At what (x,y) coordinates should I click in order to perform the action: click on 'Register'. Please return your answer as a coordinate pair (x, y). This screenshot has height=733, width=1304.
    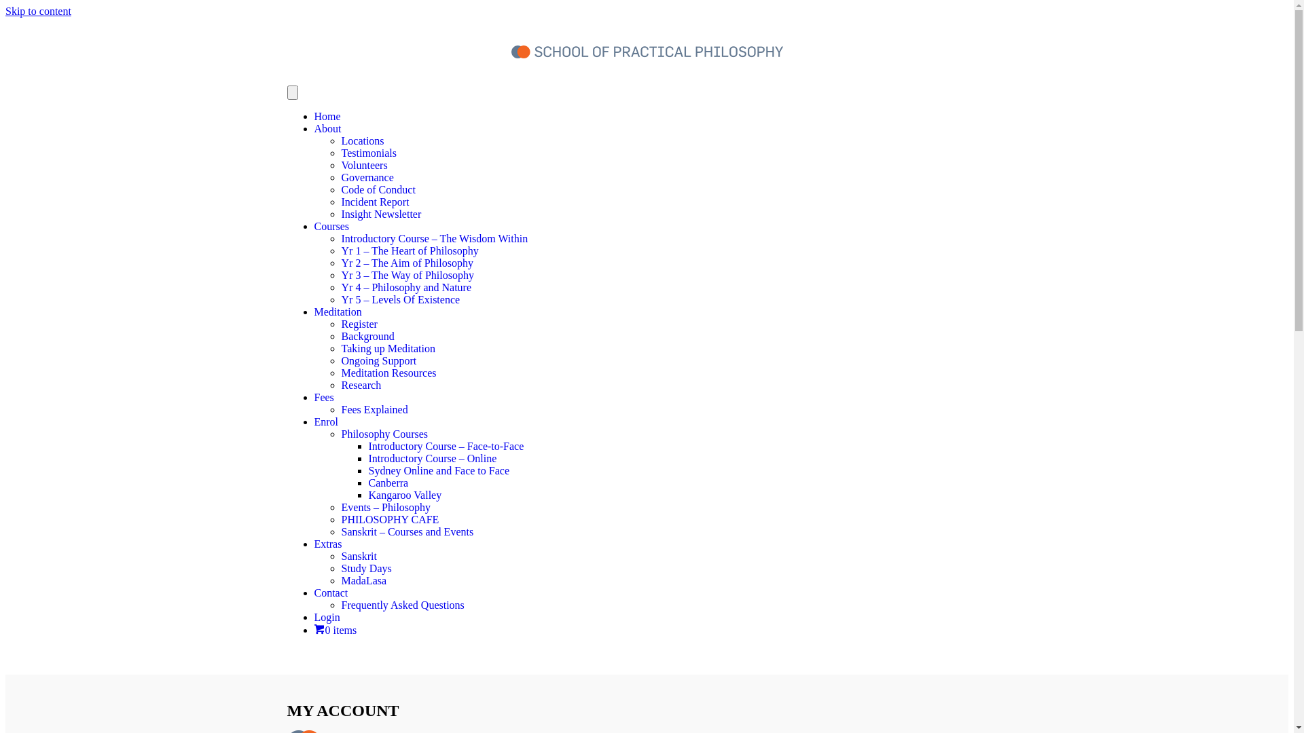
    Looking at the image, I should click on (341, 324).